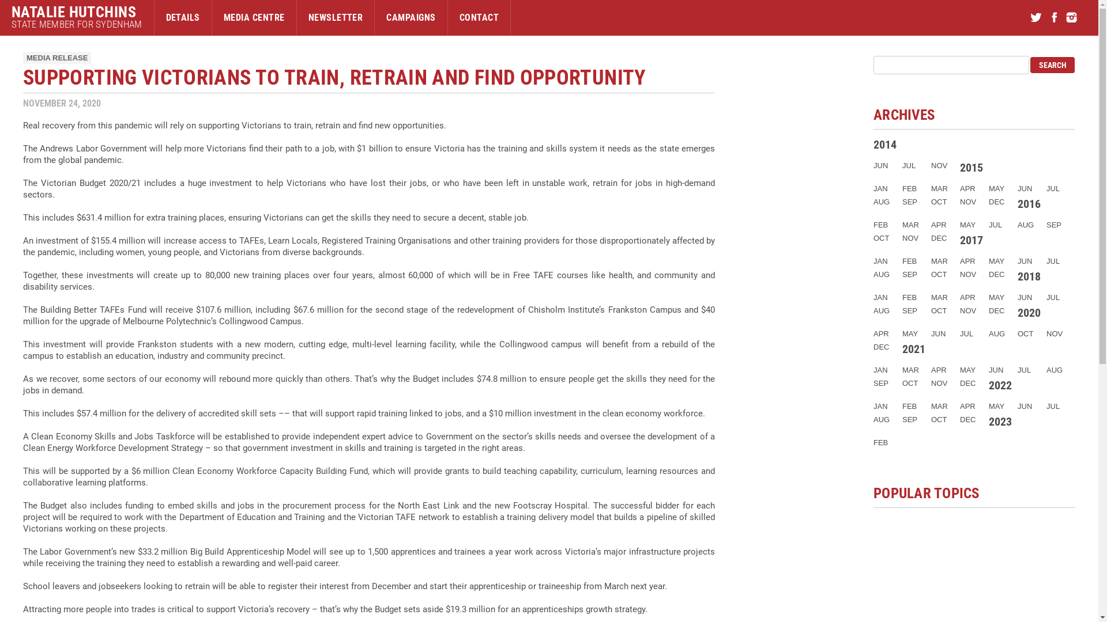  What do you see at coordinates (939, 165) in the screenshot?
I see `'NOV'` at bounding box center [939, 165].